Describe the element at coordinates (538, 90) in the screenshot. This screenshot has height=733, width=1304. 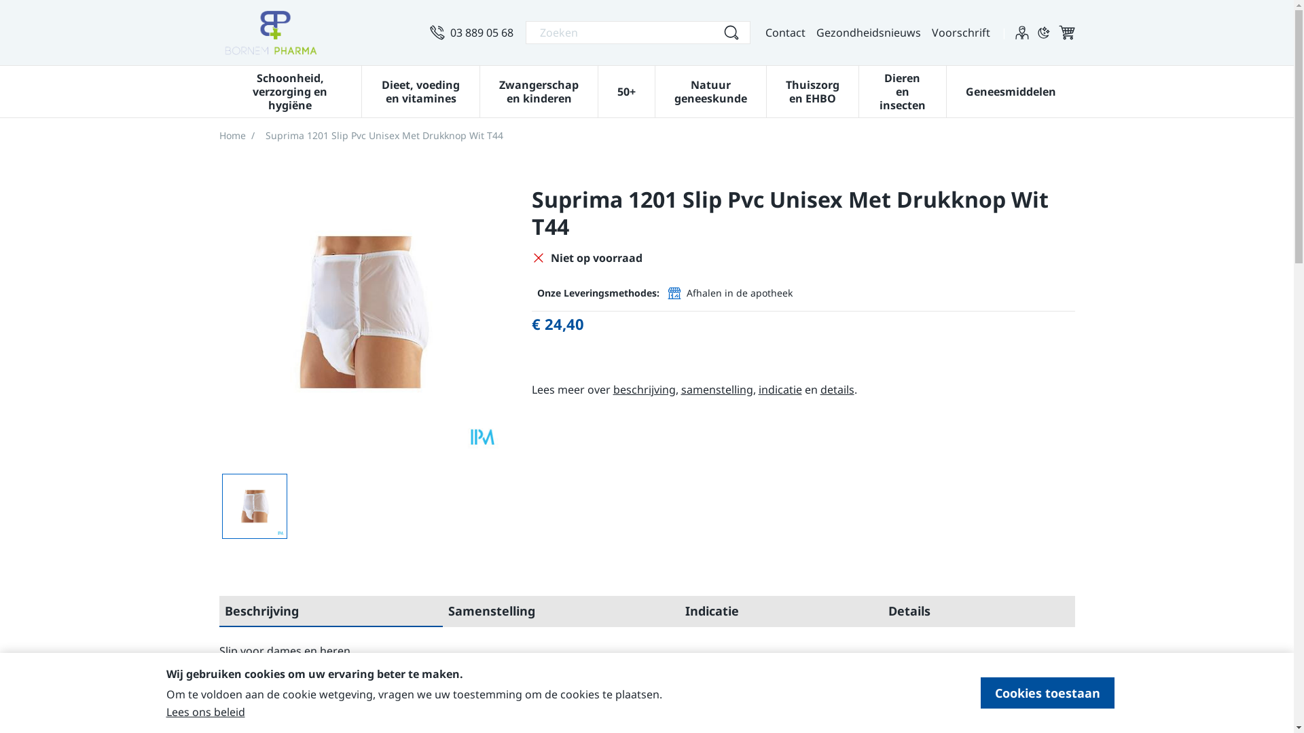
I see `'Zwangerschap en kinderen'` at that location.